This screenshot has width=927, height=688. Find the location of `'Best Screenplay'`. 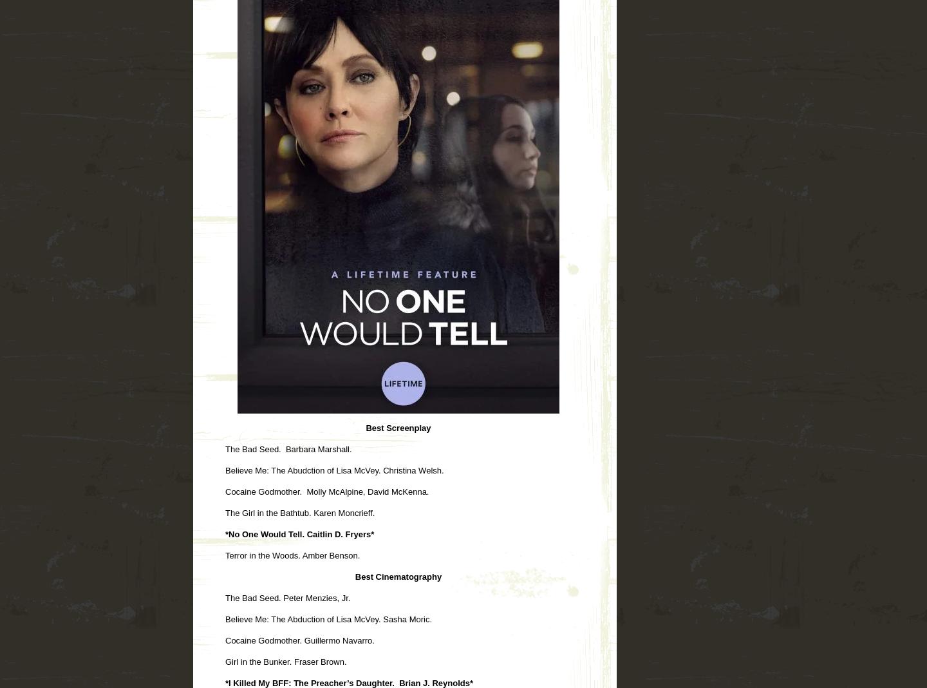

'Best Screenplay' is located at coordinates (397, 426).